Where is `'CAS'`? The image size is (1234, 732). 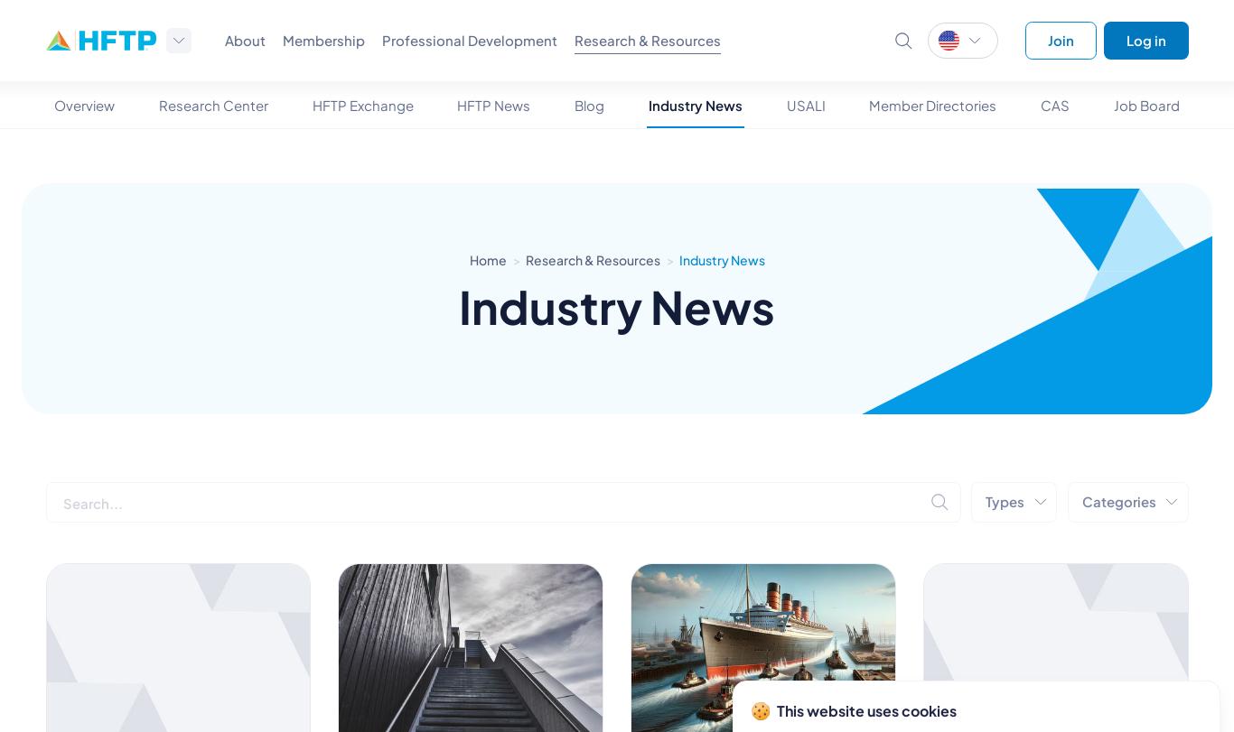
'CAS' is located at coordinates (1055, 105).